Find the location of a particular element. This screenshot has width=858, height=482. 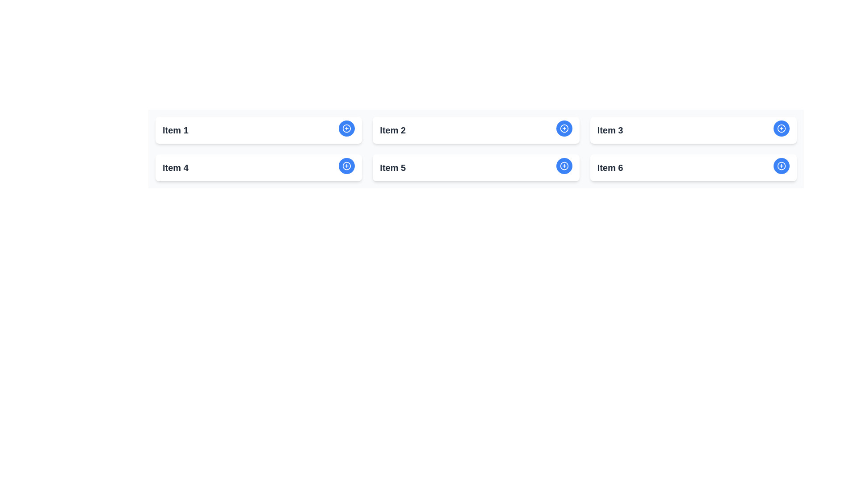

the informational static text element located centrally in the second row of the grid, positioned below 'Item 2' and to the left of 'Item 6' is located at coordinates (393, 167).